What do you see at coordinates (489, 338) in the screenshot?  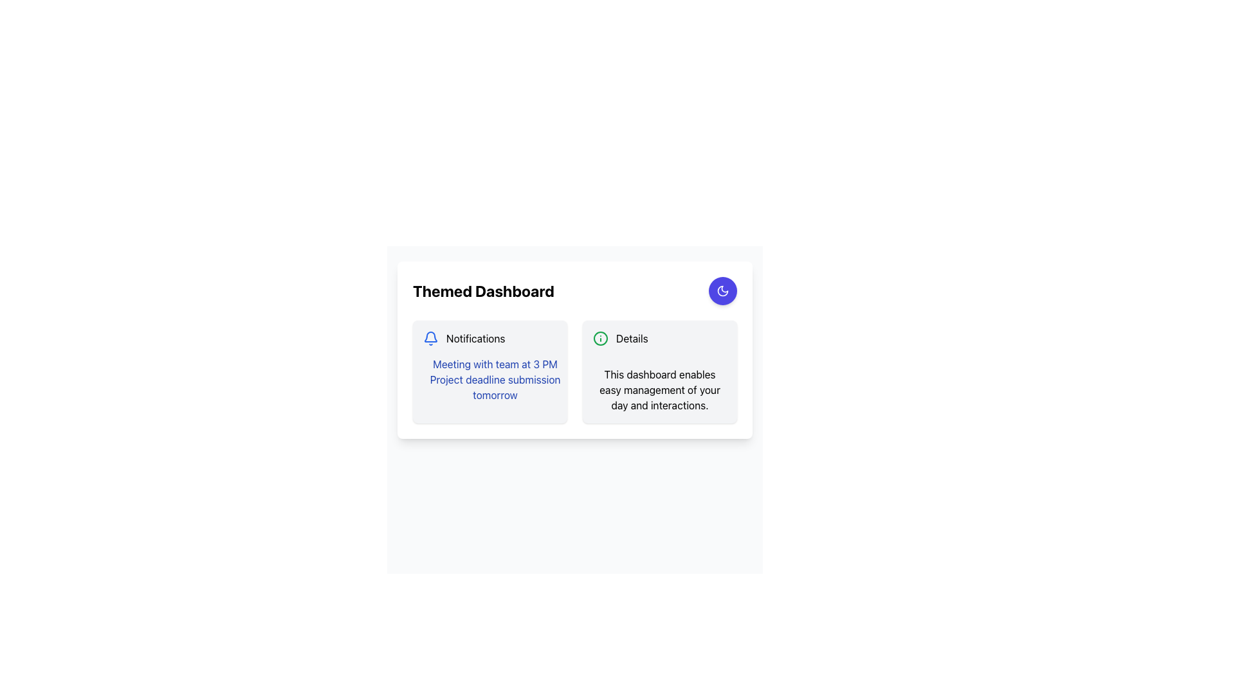 I see `the informational label text with an accompanying icon indicating notifications, located at the top left of the layout above meeting reminders` at bounding box center [489, 338].